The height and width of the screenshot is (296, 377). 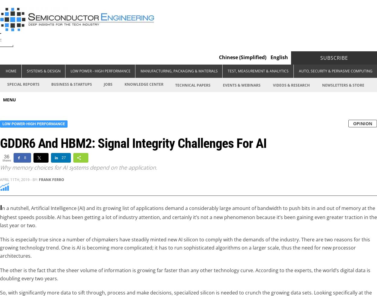 What do you see at coordinates (362, 123) in the screenshot?
I see `'OPINION'` at bounding box center [362, 123].